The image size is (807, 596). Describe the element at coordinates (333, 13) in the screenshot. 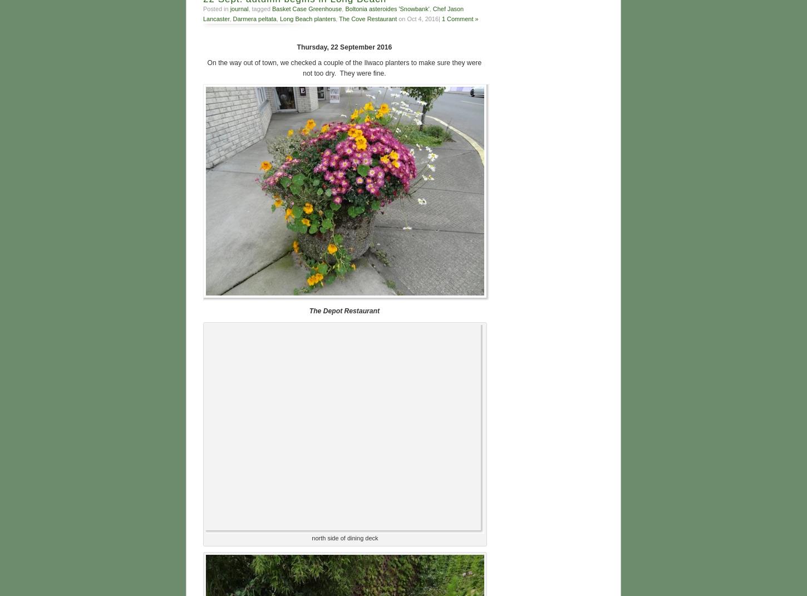

I see `'Chef Jason Lancaster'` at that location.